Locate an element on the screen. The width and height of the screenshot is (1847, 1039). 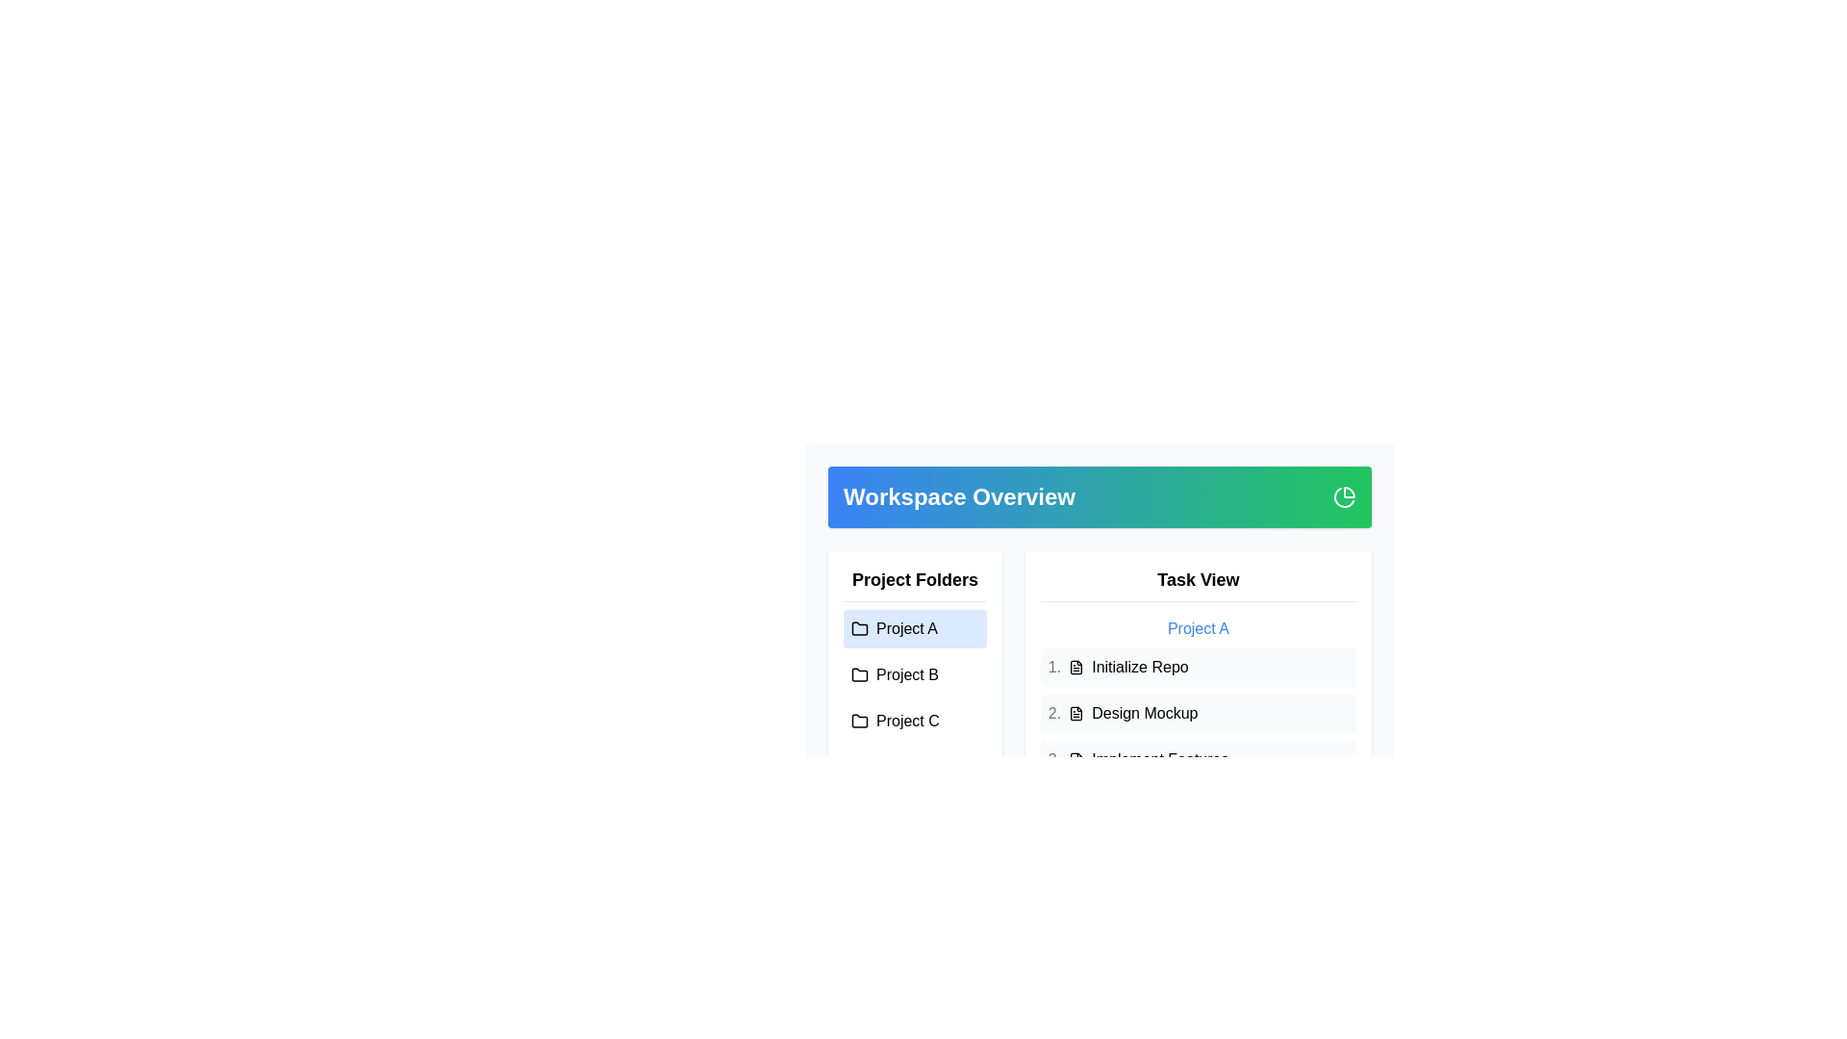
the task list item labeled 'Design Mockup' is located at coordinates (1197, 713).